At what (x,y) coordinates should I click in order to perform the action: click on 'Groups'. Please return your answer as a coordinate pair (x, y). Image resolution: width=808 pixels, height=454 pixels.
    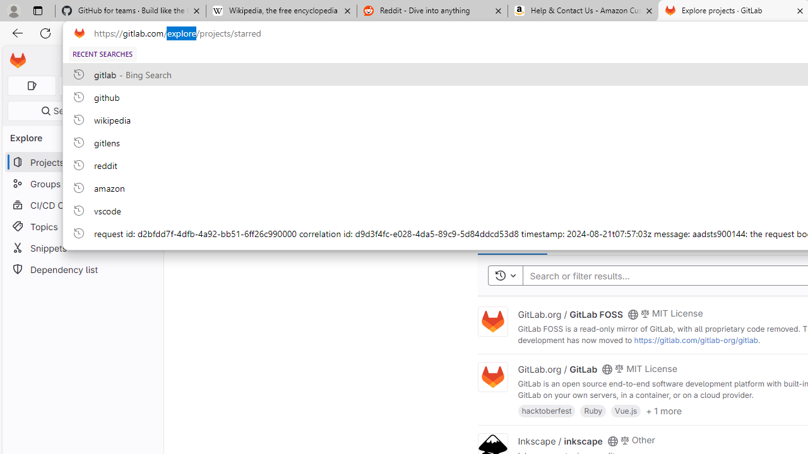
    Looking at the image, I should click on (82, 183).